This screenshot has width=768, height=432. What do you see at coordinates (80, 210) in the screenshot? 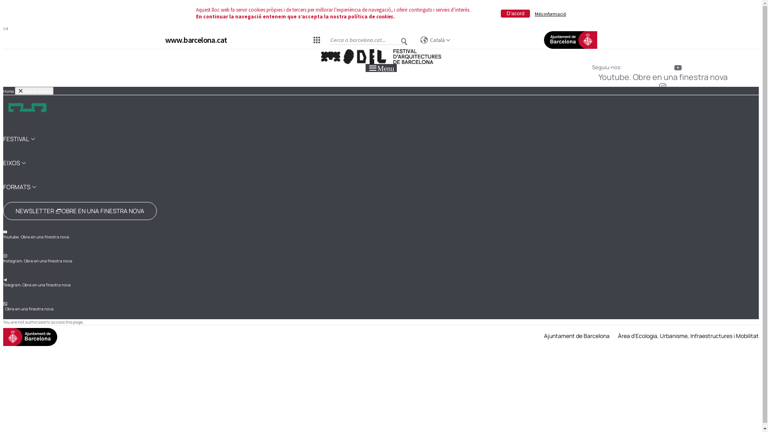
I see `'NEWSLETTER` at bounding box center [80, 210].